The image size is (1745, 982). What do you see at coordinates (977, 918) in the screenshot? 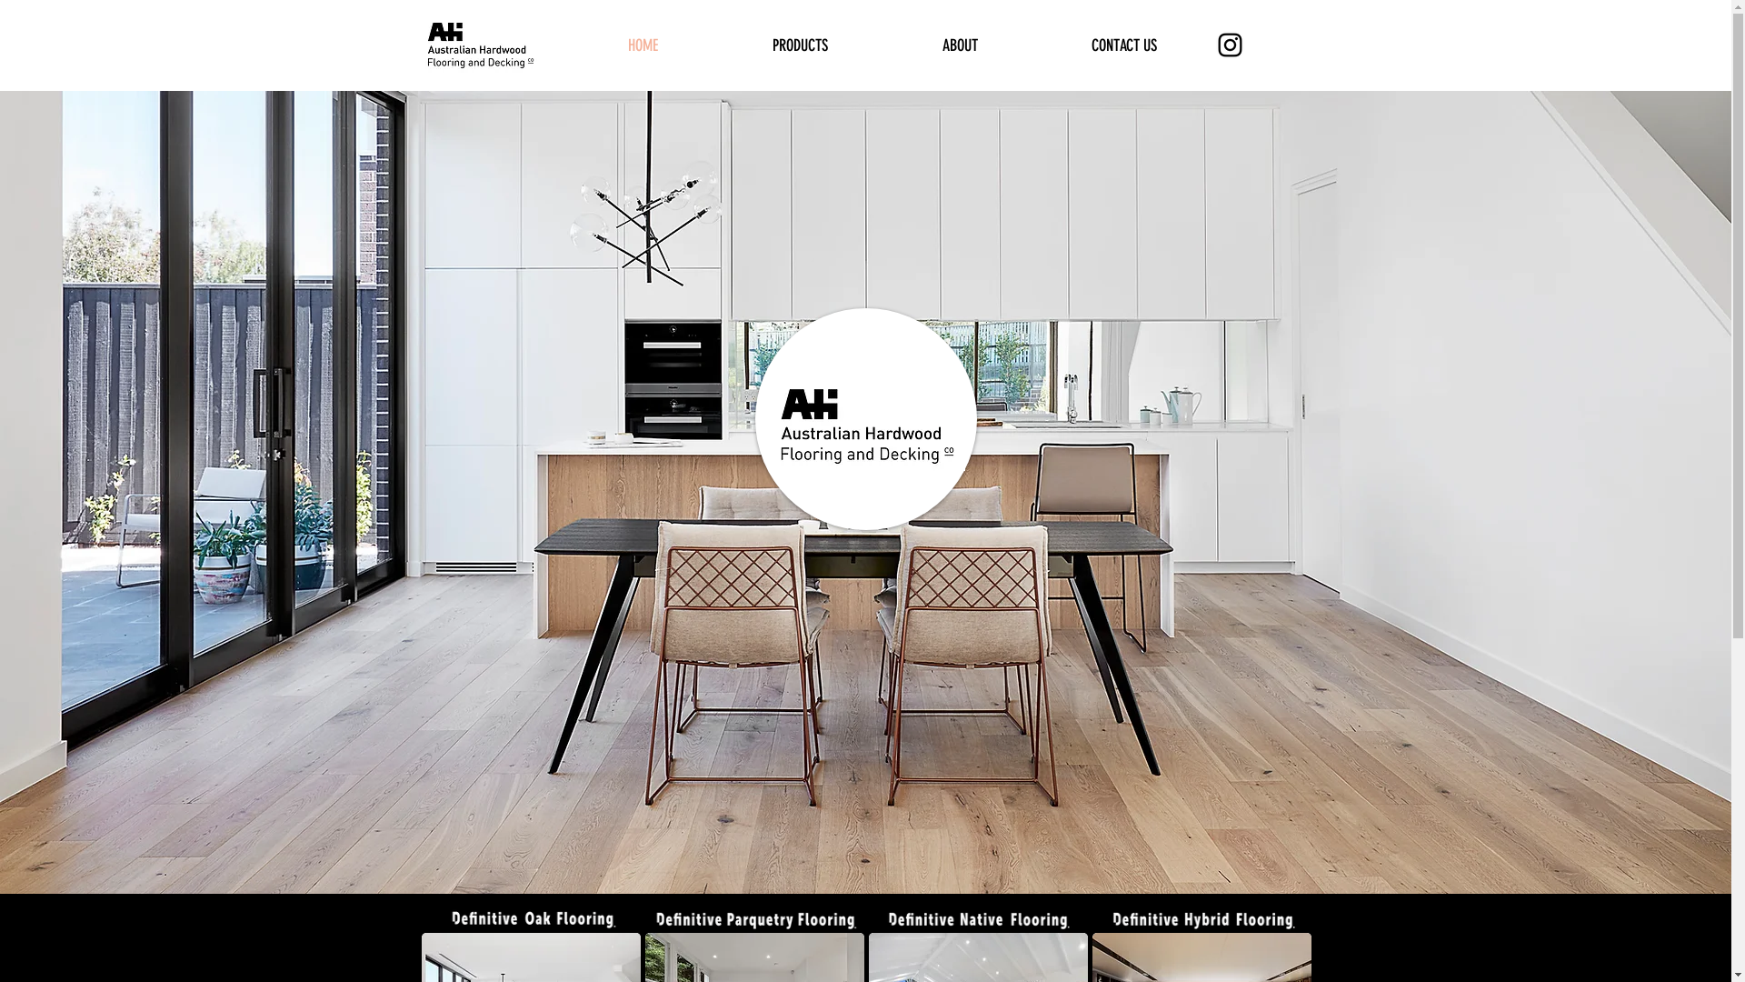
I see `'Definitive Native Flooring_Light_Text.pn'` at bounding box center [977, 918].